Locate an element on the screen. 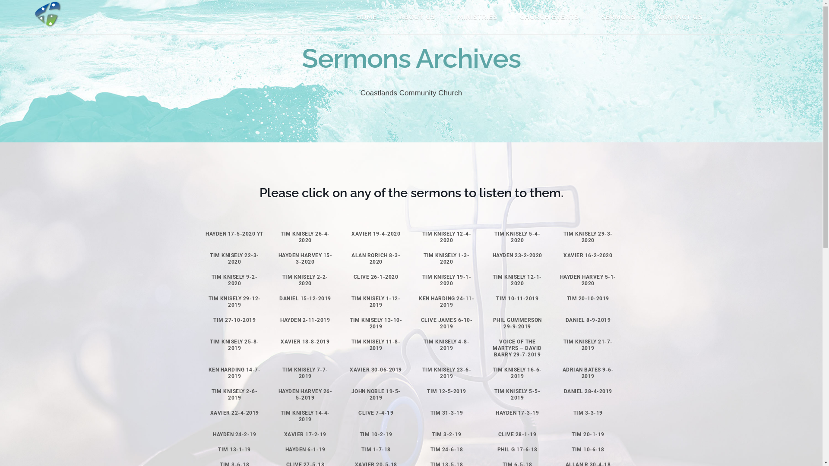  'TIM 31-3-19' is located at coordinates (447, 412).